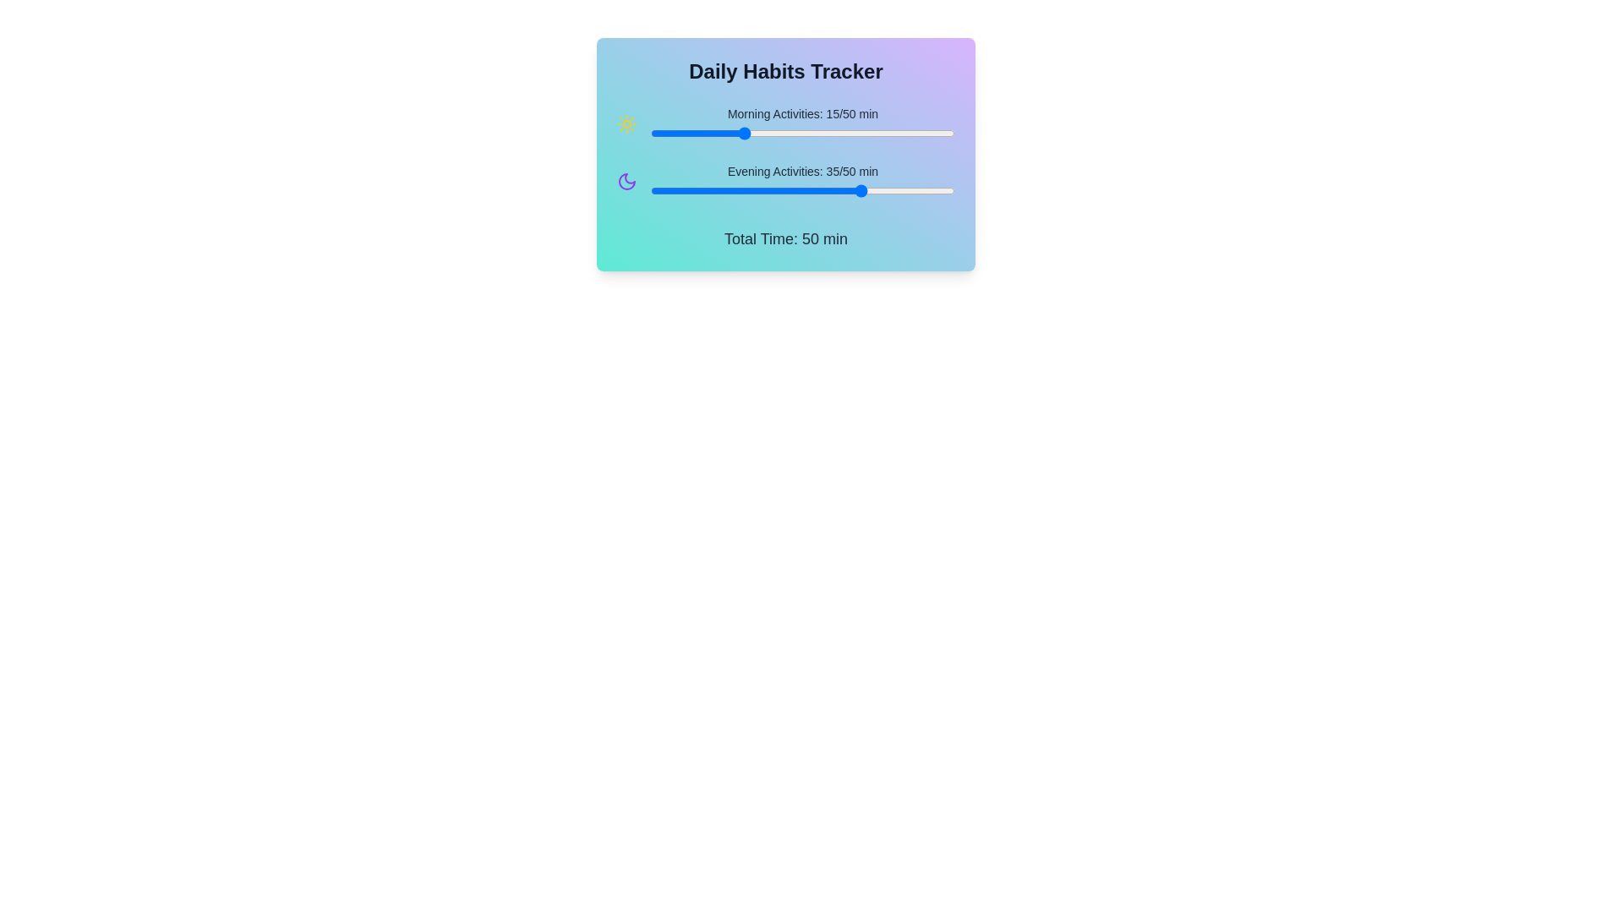 This screenshot has height=913, width=1623. What do you see at coordinates (857, 190) in the screenshot?
I see `the evening activity time` at bounding box center [857, 190].